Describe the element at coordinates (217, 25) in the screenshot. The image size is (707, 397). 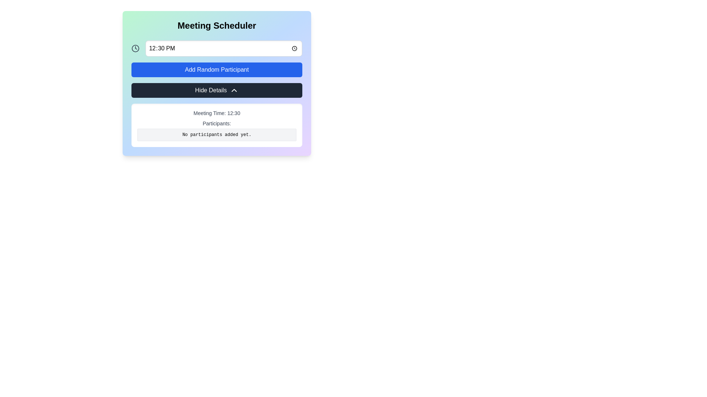
I see `the Label or Header element at the top of the meeting scheduler interface, which serves as the title for the section` at that location.